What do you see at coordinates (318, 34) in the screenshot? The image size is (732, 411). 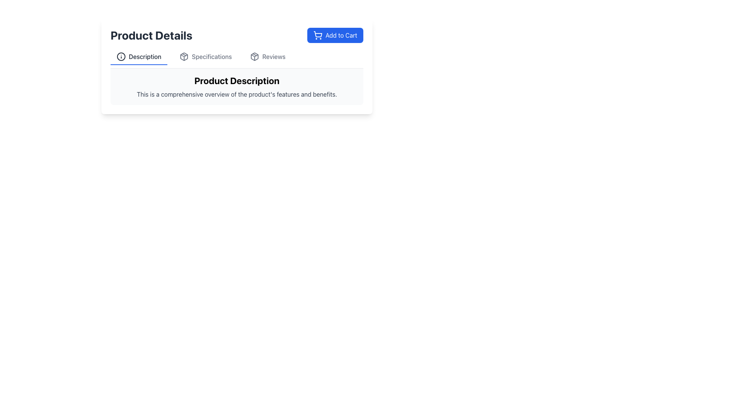 I see `the shopping cart icon located in the top-right of the interface, which is part of the blue 'Add to Cart' button` at bounding box center [318, 34].